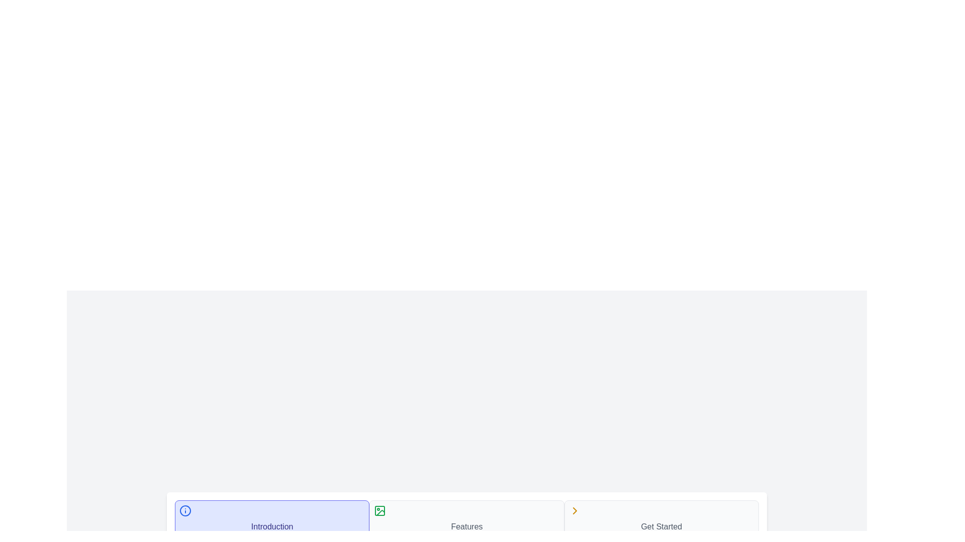 The image size is (965, 542). What do you see at coordinates (661, 518) in the screenshot?
I see `the step labeled Get Started to focus on it` at bounding box center [661, 518].